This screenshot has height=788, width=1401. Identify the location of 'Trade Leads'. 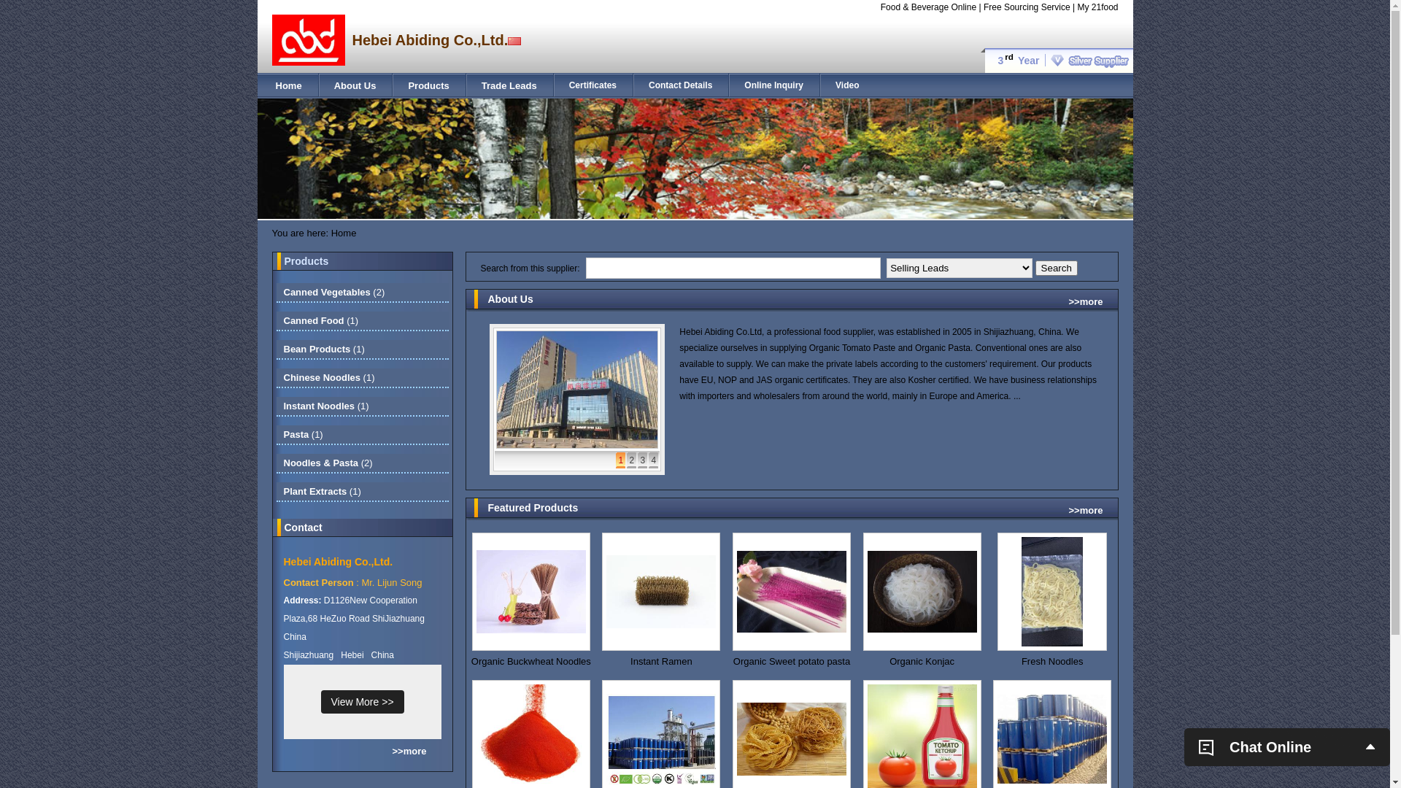
(509, 85).